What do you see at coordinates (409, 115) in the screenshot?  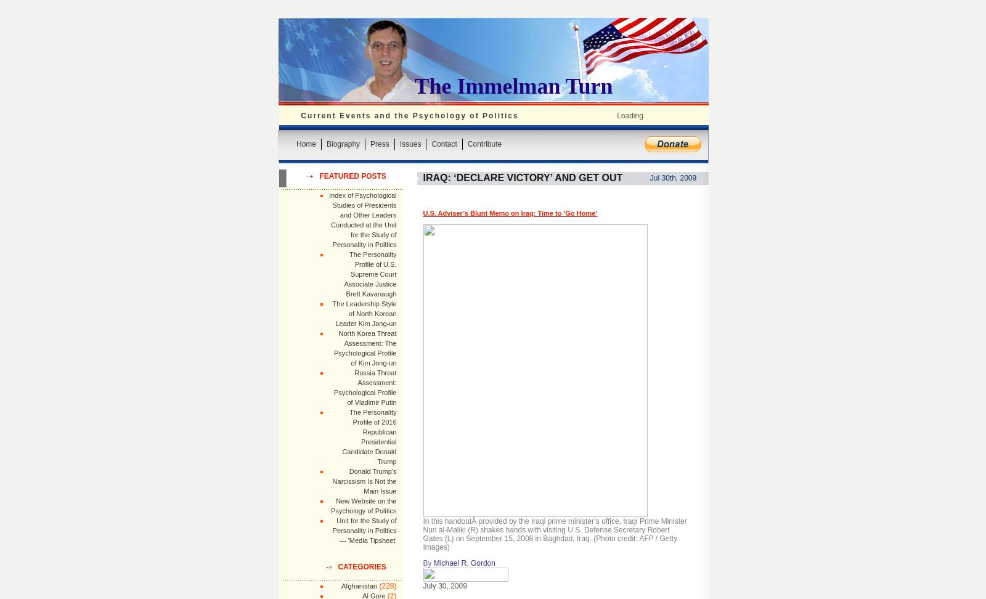 I see `'Current Events and the Psychology of Politics'` at bounding box center [409, 115].